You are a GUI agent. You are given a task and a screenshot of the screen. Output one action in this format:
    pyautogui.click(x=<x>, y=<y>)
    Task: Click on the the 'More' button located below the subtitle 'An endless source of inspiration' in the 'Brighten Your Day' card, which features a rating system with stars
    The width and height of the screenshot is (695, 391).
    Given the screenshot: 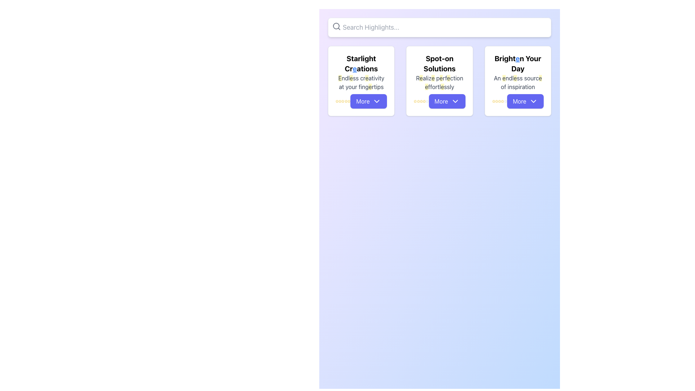 What is the action you would take?
    pyautogui.click(x=517, y=101)
    